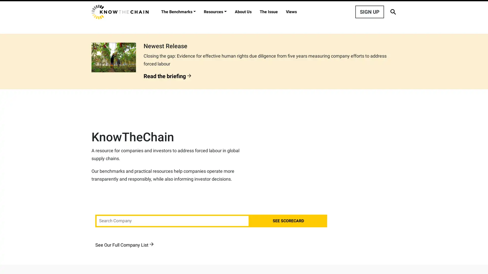 This screenshot has width=488, height=274. I want to click on SEE SCORECARD, so click(288, 221).